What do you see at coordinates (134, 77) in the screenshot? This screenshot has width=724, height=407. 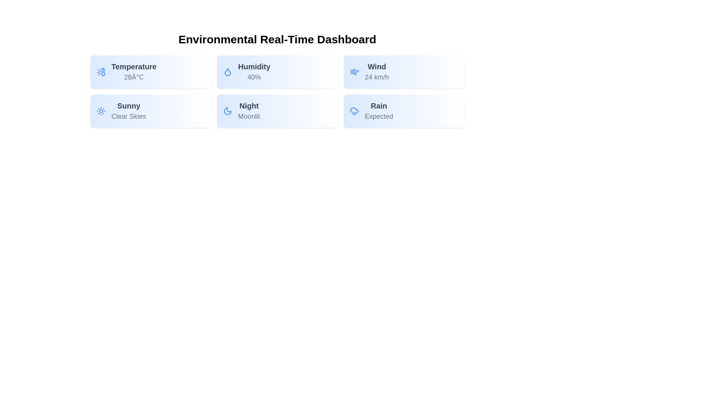 I see `the static text display showing the current temperature in degrees Celsius, located inside the 'Temperature' card in the top-left corner of the interface` at bounding box center [134, 77].